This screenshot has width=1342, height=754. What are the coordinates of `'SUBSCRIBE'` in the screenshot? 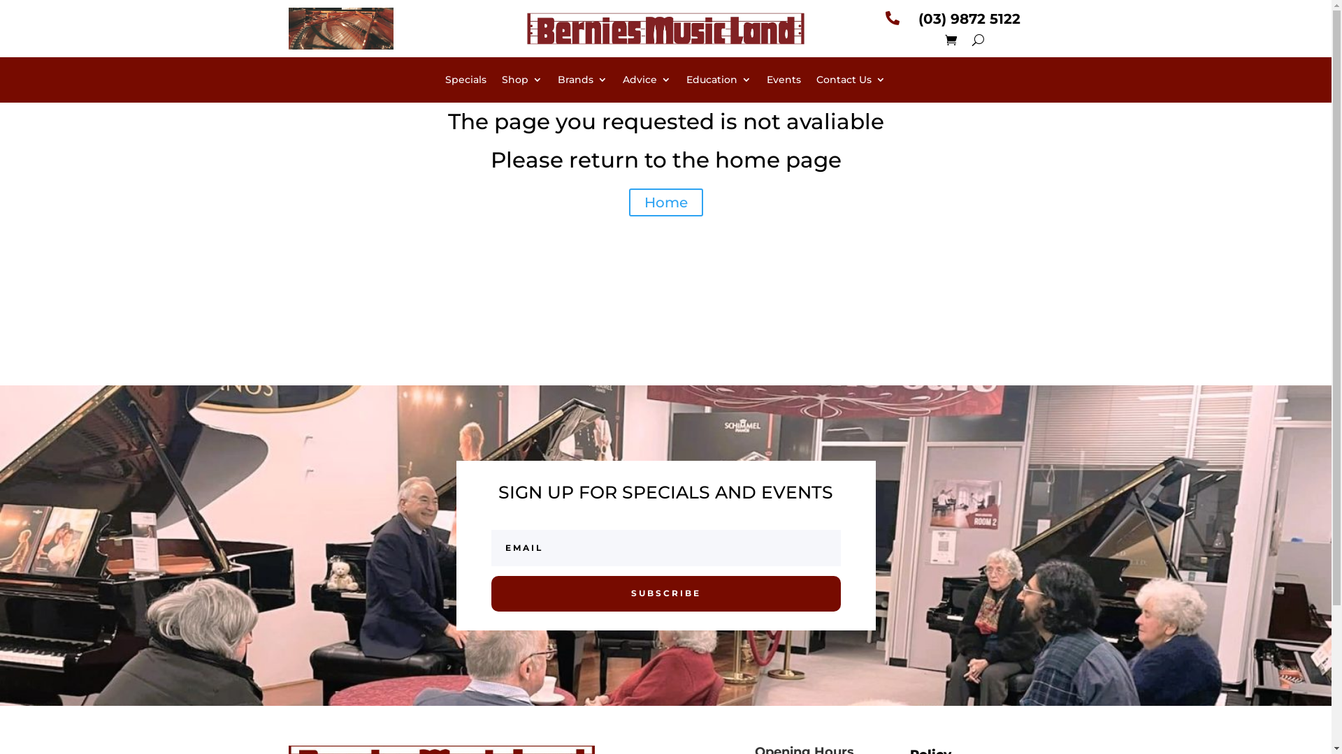 It's located at (664, 593).